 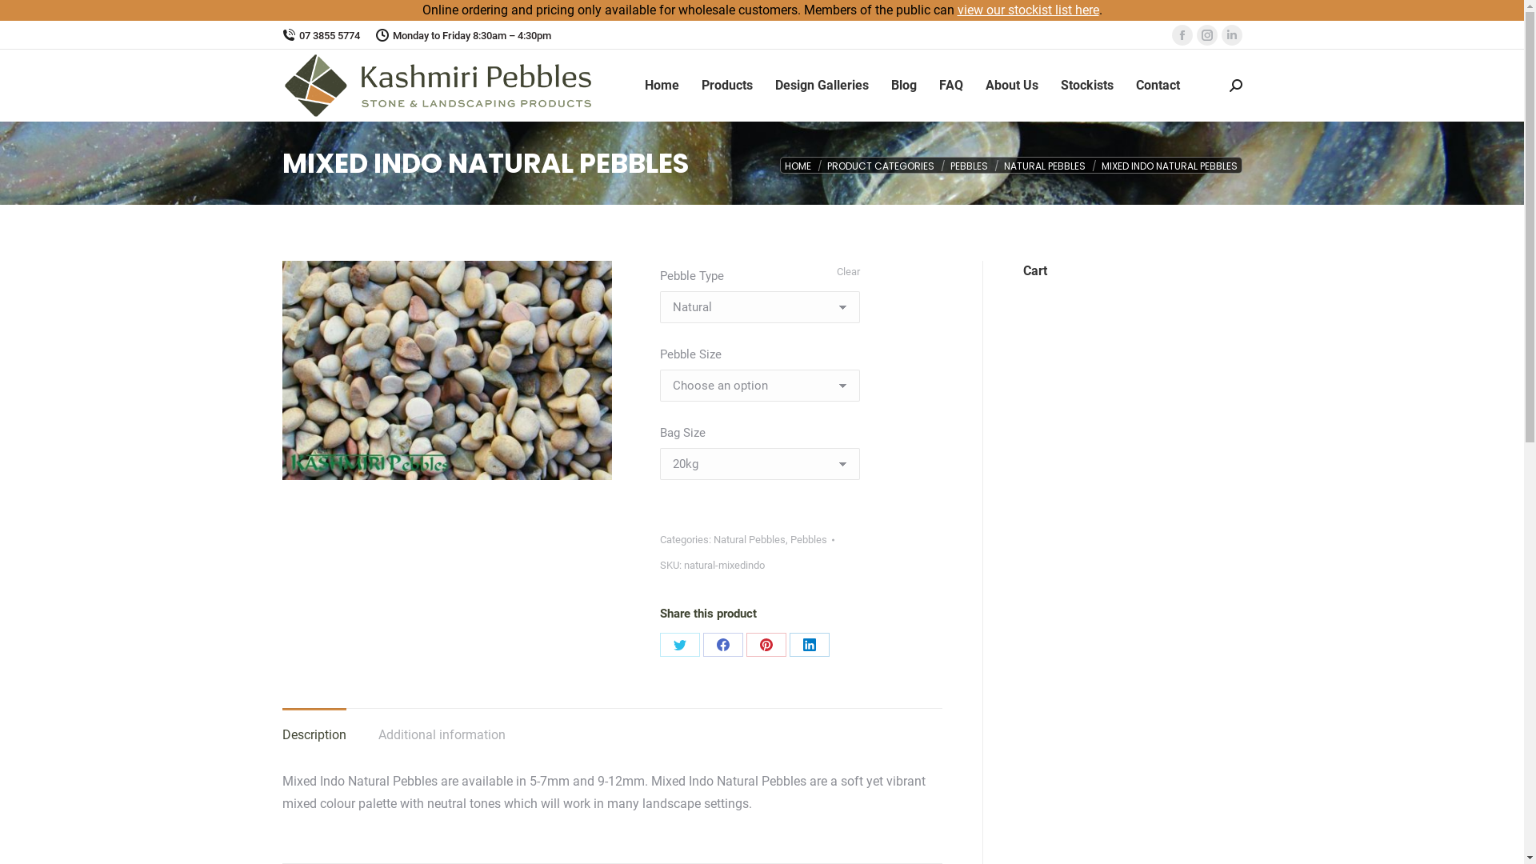 I want to click on 'Share on Facebook', so click(x=722, y=644).